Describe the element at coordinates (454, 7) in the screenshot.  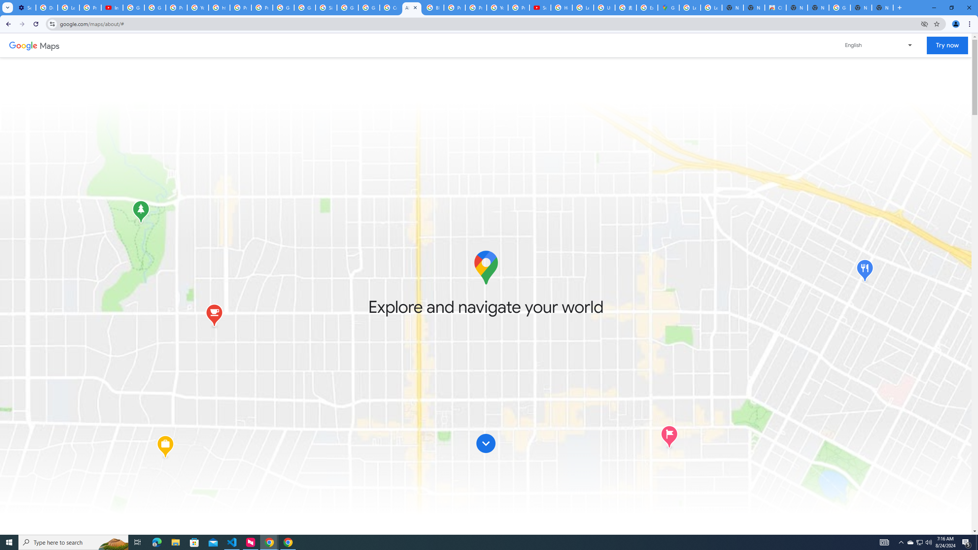
I see `'Privacy Help Center - Policies Help'` at that location.